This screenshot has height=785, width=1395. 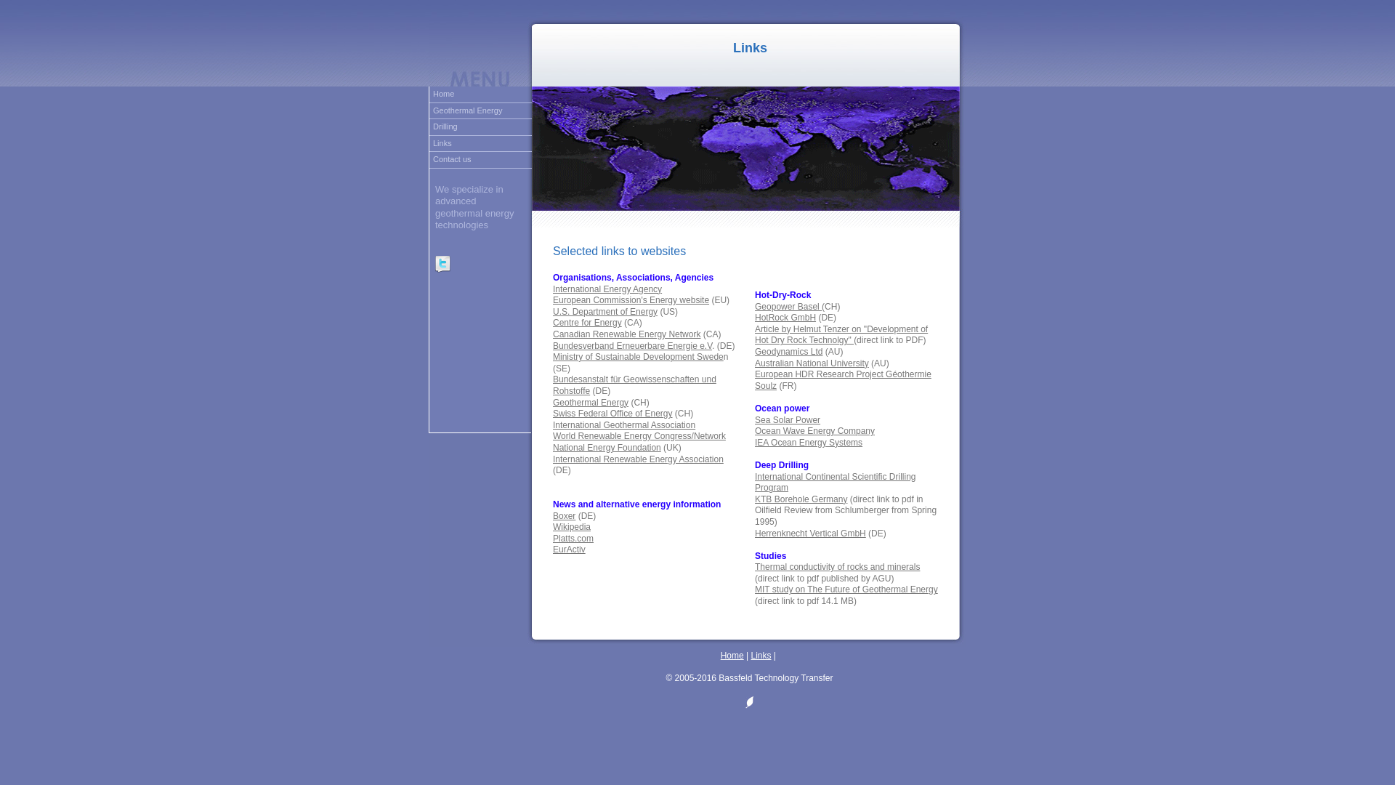 What do you see at coordinates (605, 310) in the screenshot?
I see `'U.S. Department of Energy'` at bounding box center [605, 310].